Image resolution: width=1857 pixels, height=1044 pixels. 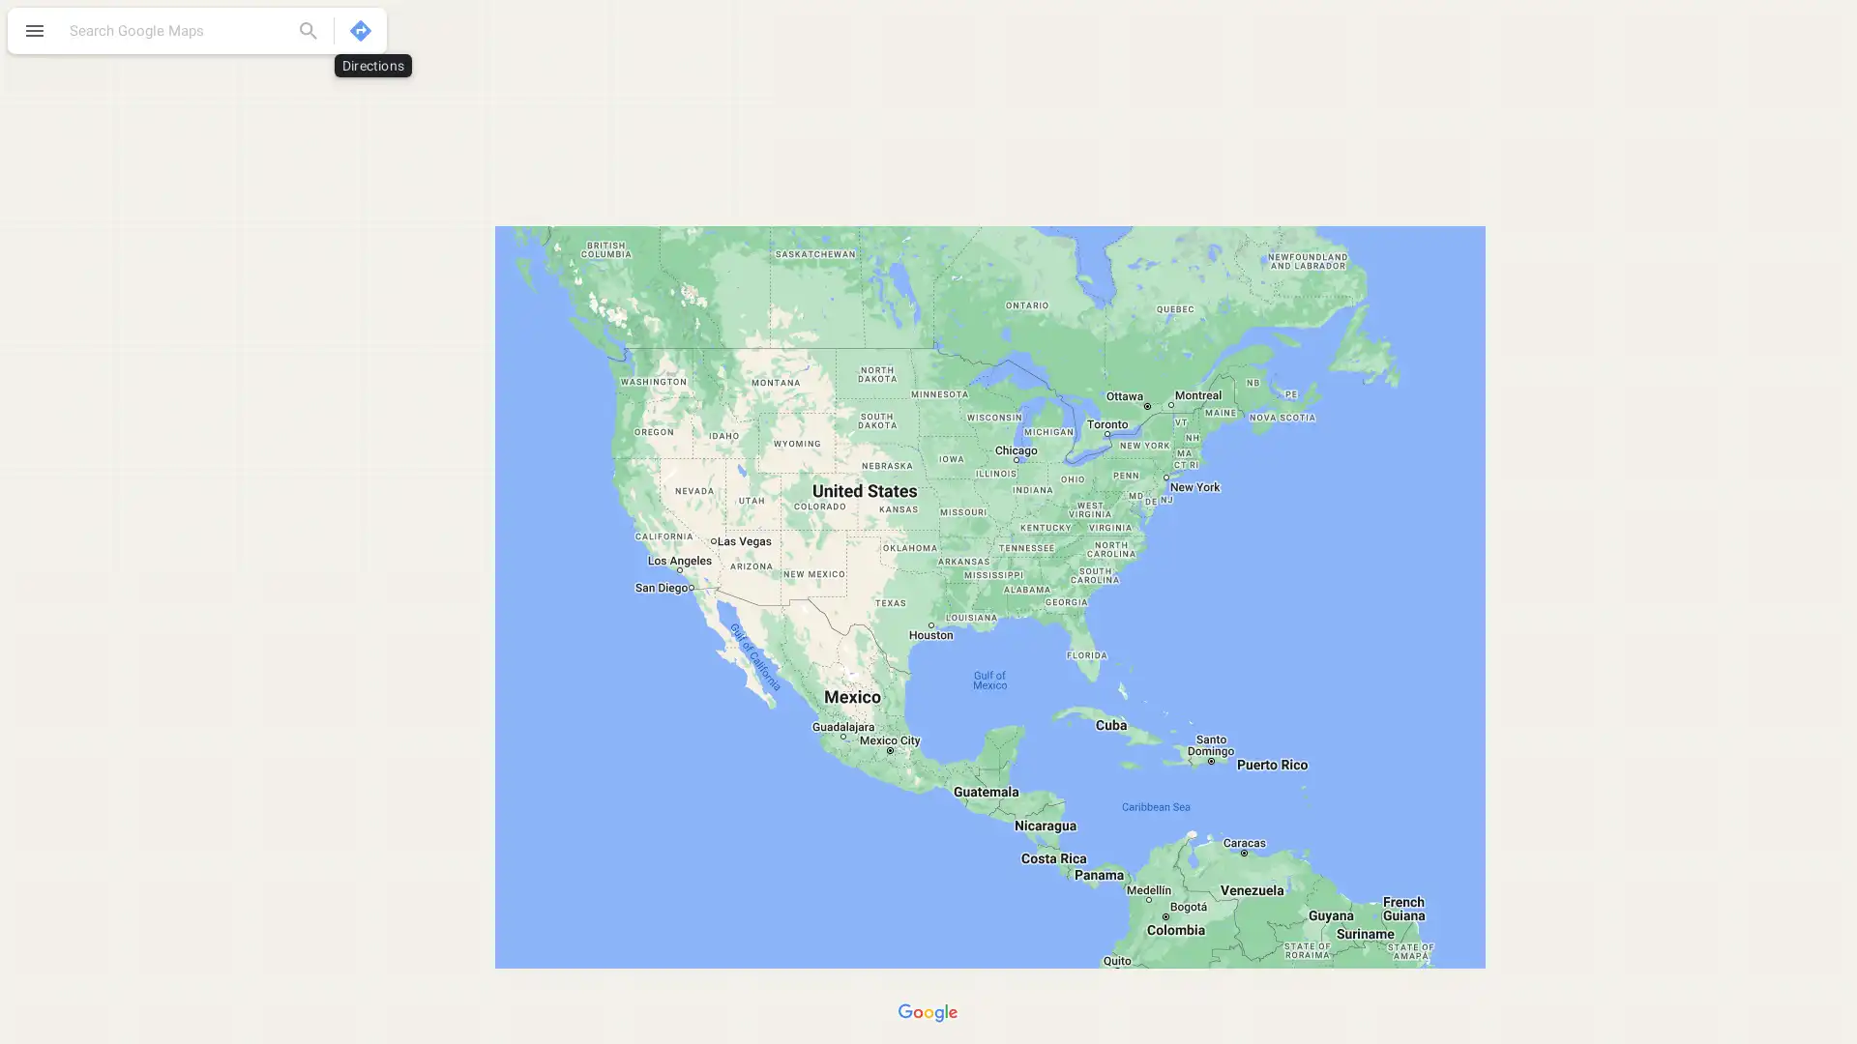 I want to click on Menu, so click(x=34, y=33).